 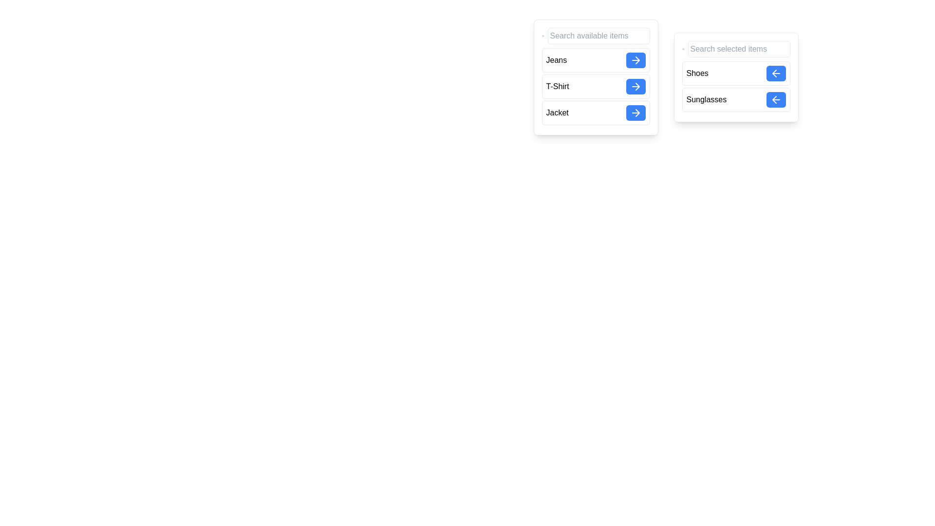 I want to click on the button located to the right of the 'Sunglasses' text, so click(x=775, y=99).